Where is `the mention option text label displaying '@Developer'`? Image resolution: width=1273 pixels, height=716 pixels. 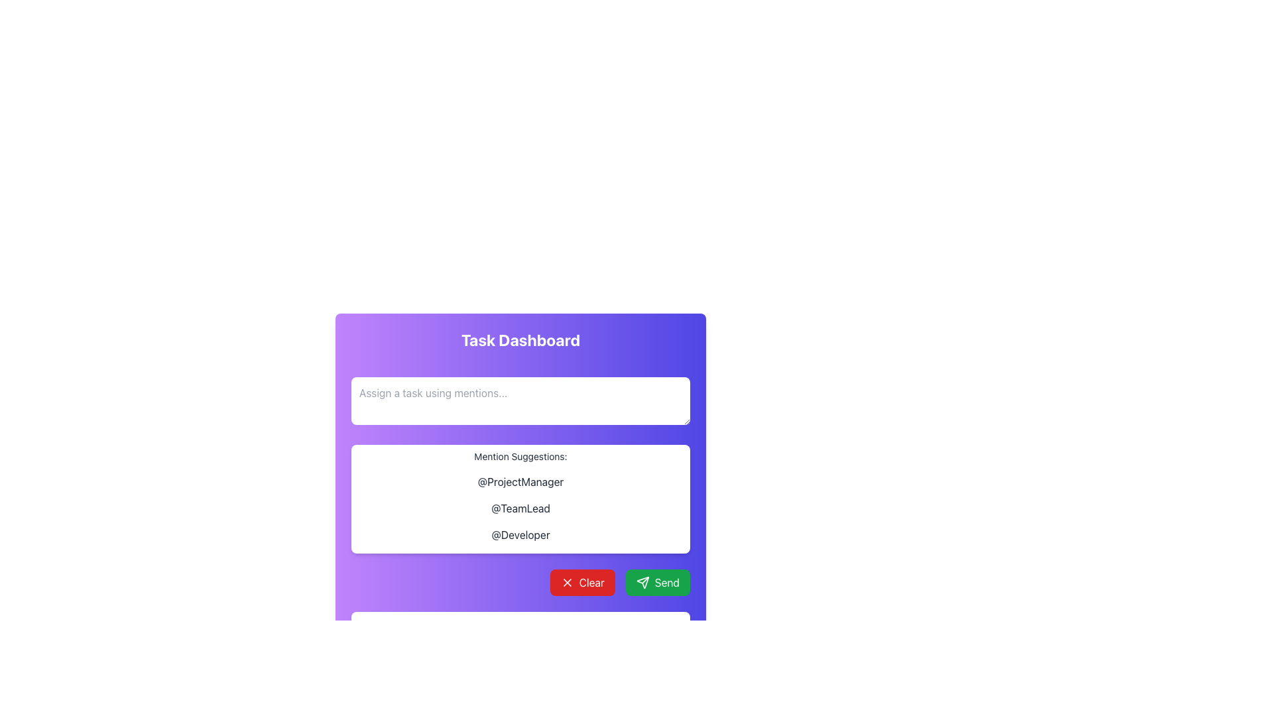
the mention option text label displaying '@Developer' is located at coordinates (520, 534).